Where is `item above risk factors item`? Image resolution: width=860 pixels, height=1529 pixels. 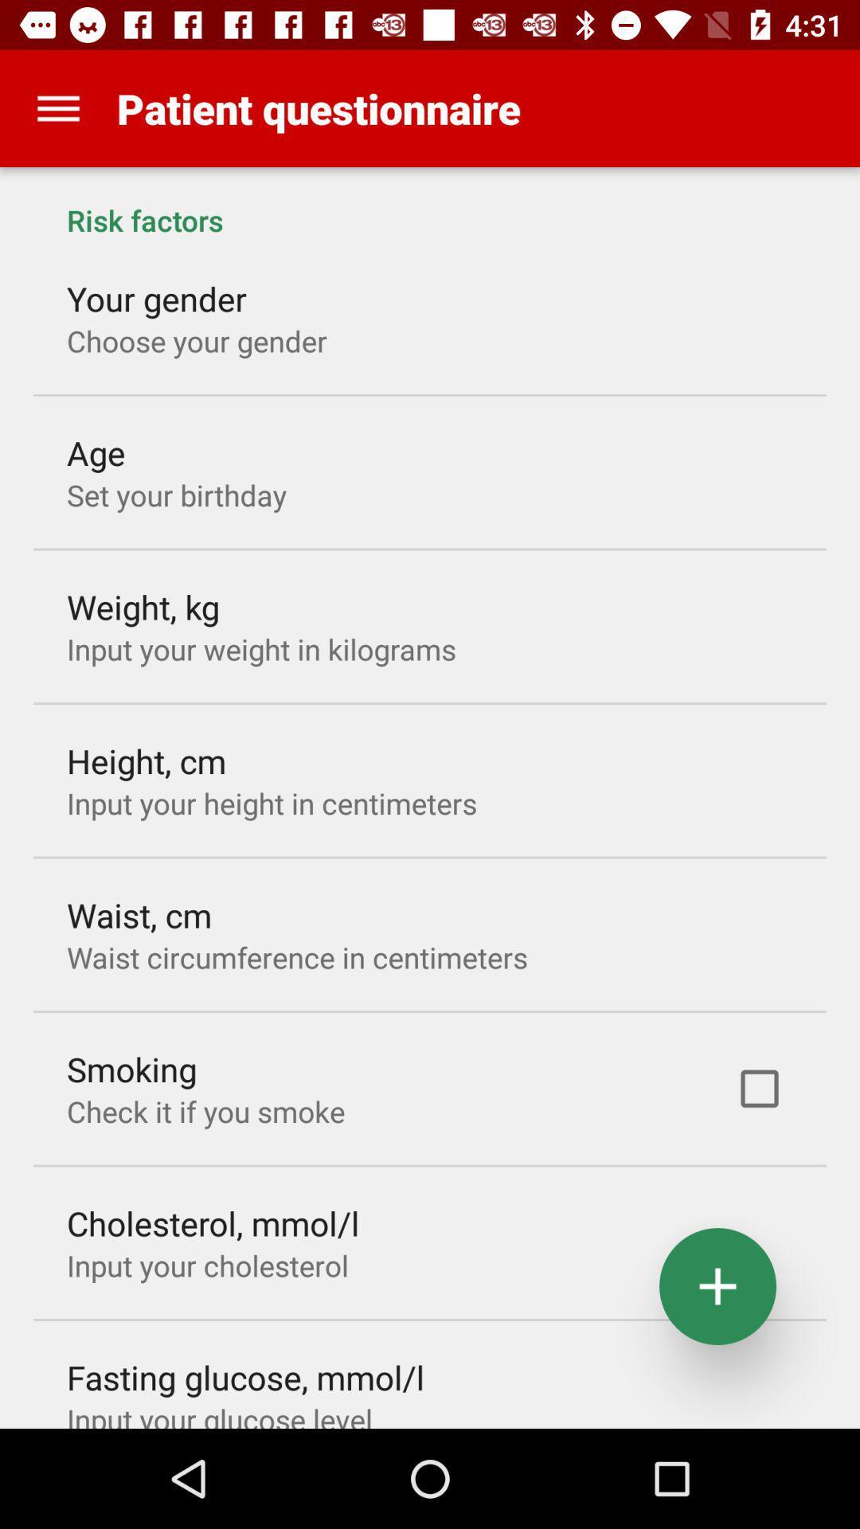 item above risk factors item is located at coordinates (57, 108).